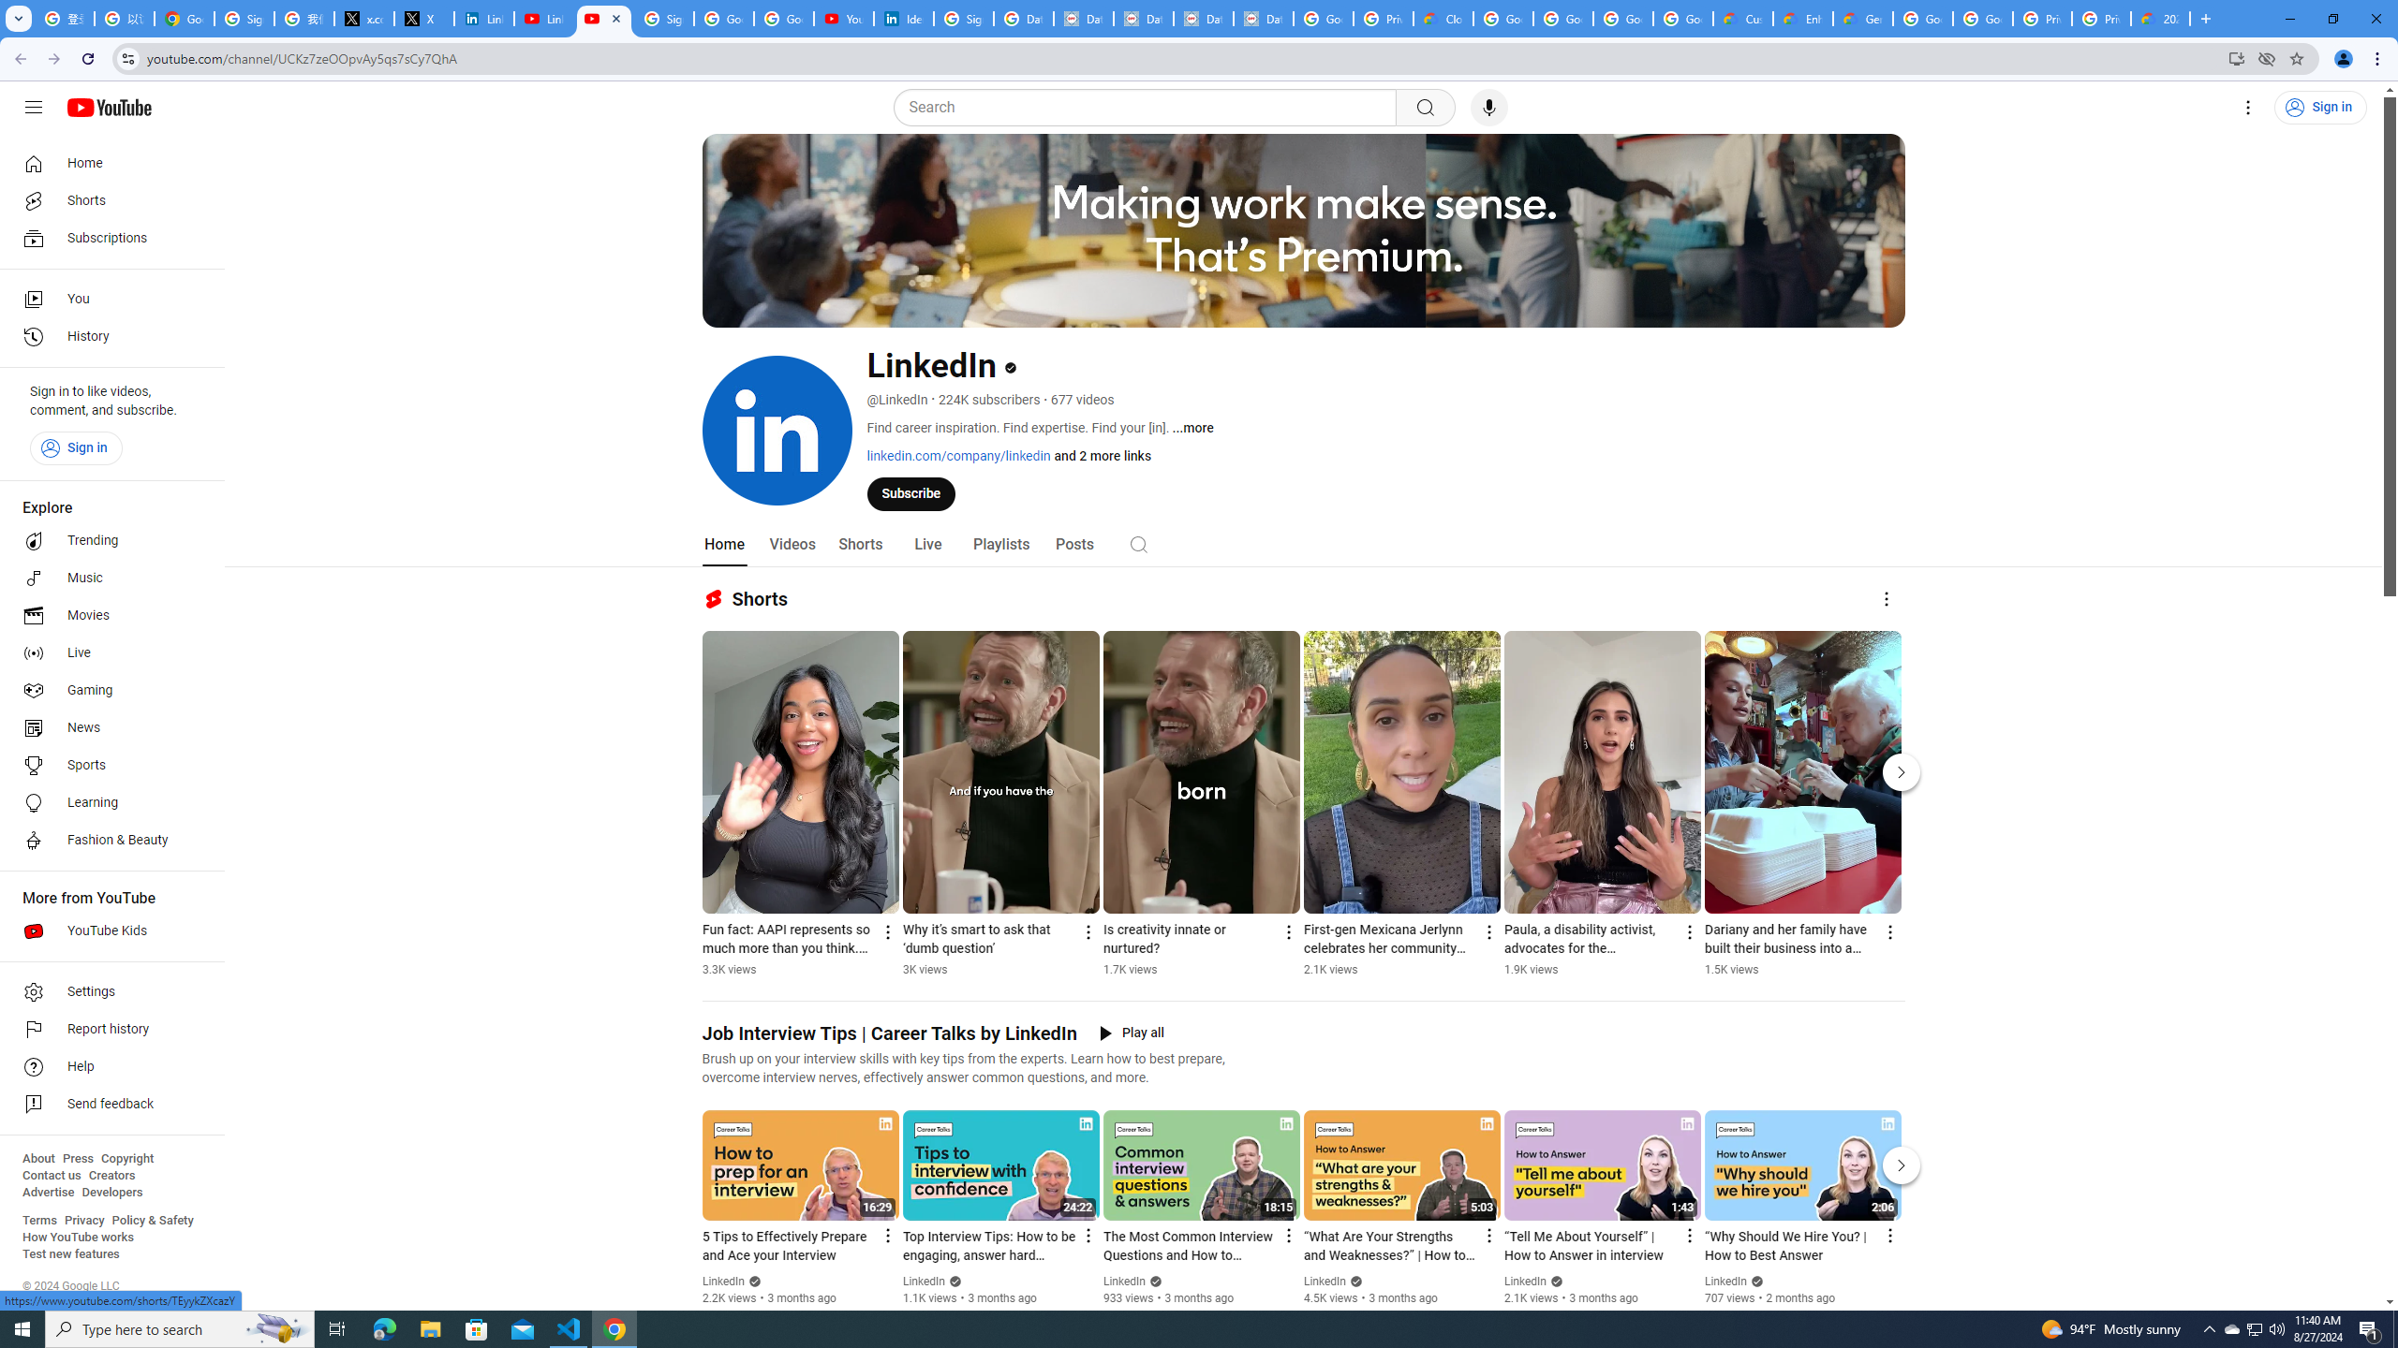 Image resolution: width=2398 pixels, height=1348 pixels. Describe the element at coordinates (106, 1029) in the screenshot. I see `'Report history'` at that location.